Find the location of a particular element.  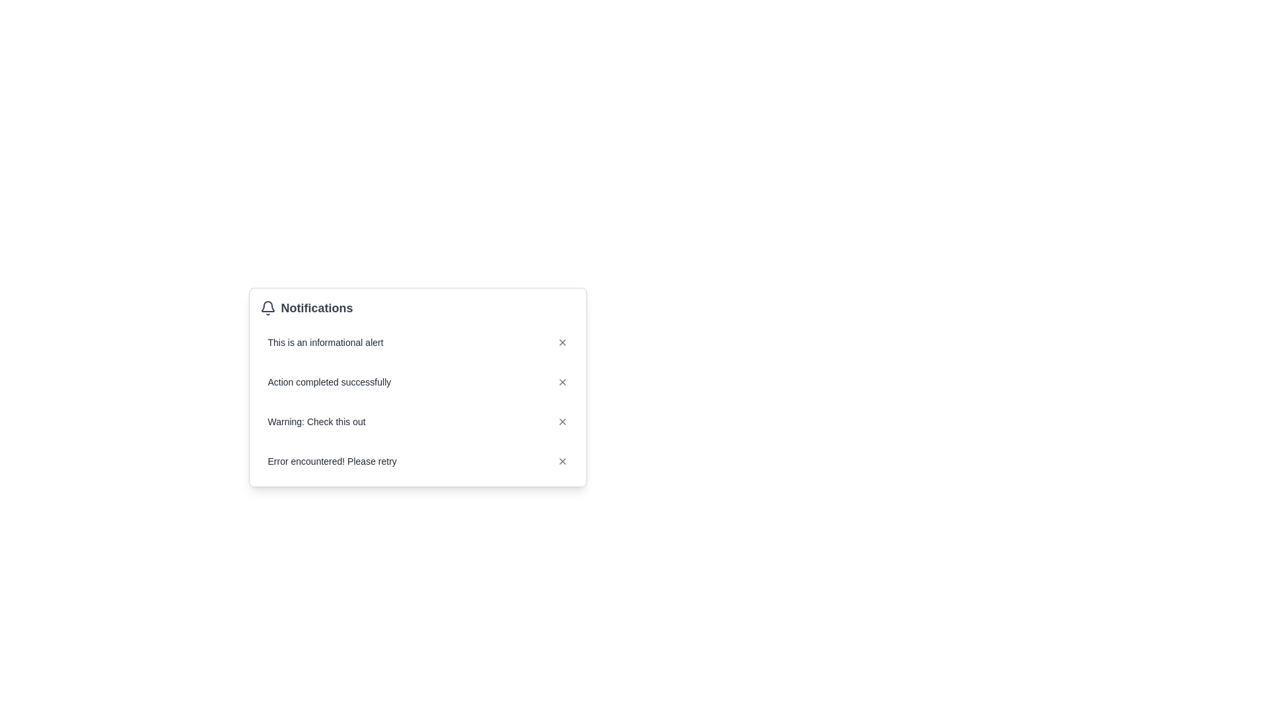

the text label that provides a warning message, specifically the one that says 'Warning: Check this out' located in the third position of the notification list is located at coordinates (316, 422).